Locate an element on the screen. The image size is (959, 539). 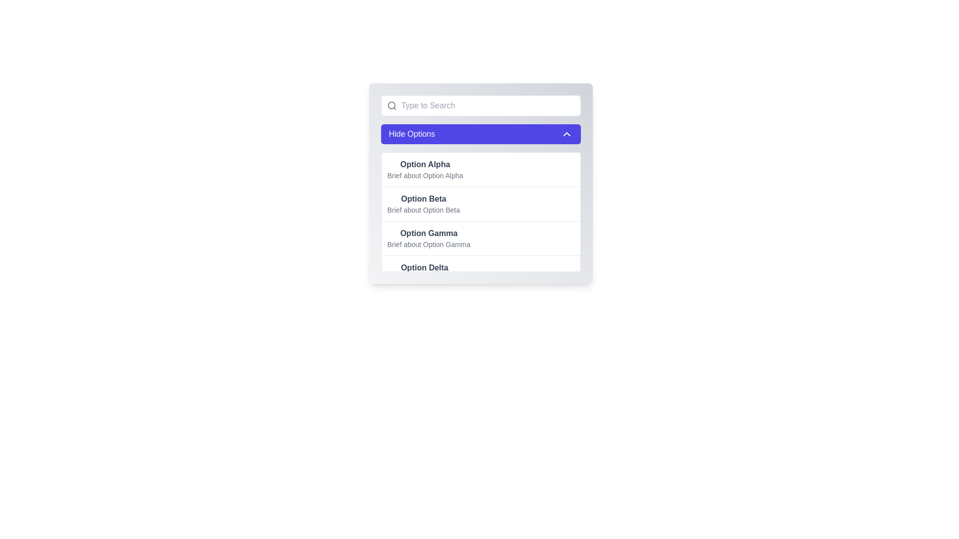
the second list item in the dropdown is located at coordinates (480, 211).